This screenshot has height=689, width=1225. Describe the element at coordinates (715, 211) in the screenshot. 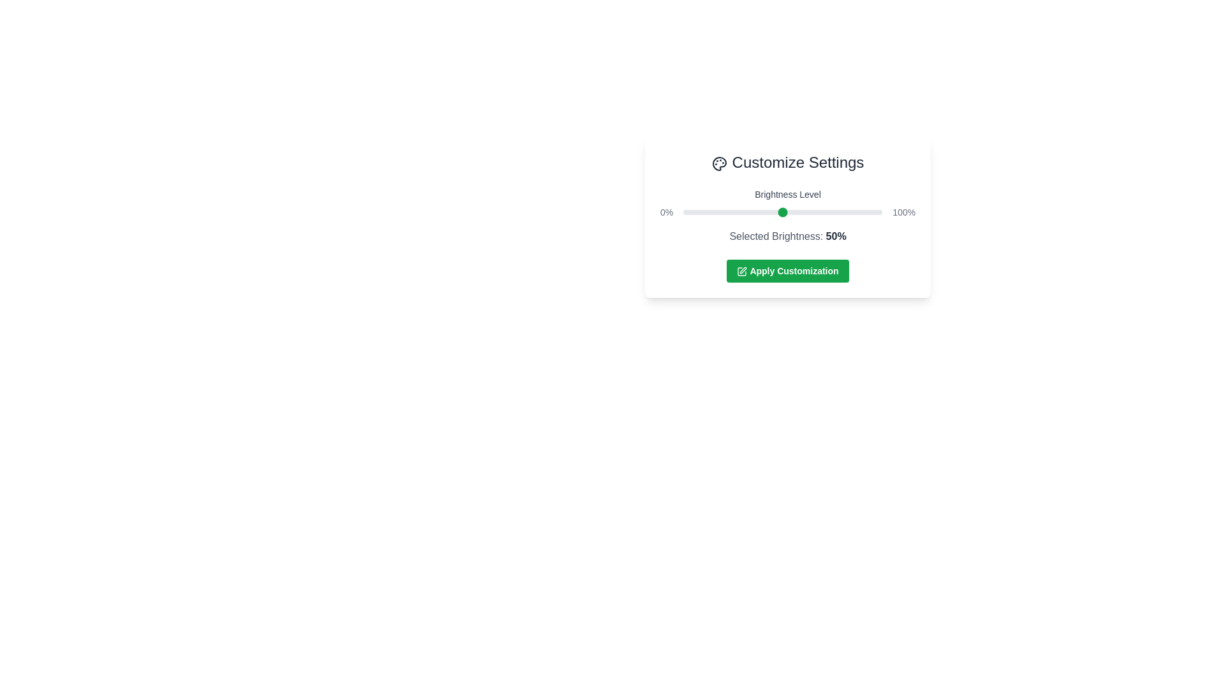

I see `the brightness` at that location.